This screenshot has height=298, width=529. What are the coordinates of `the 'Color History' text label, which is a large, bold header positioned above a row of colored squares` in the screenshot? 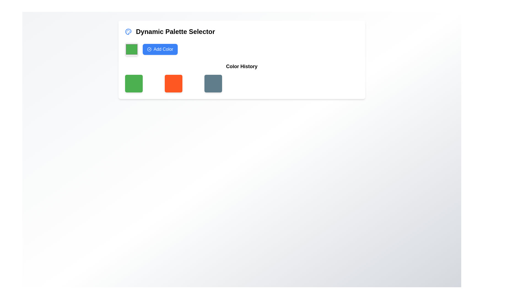 It's located at (242, 66).